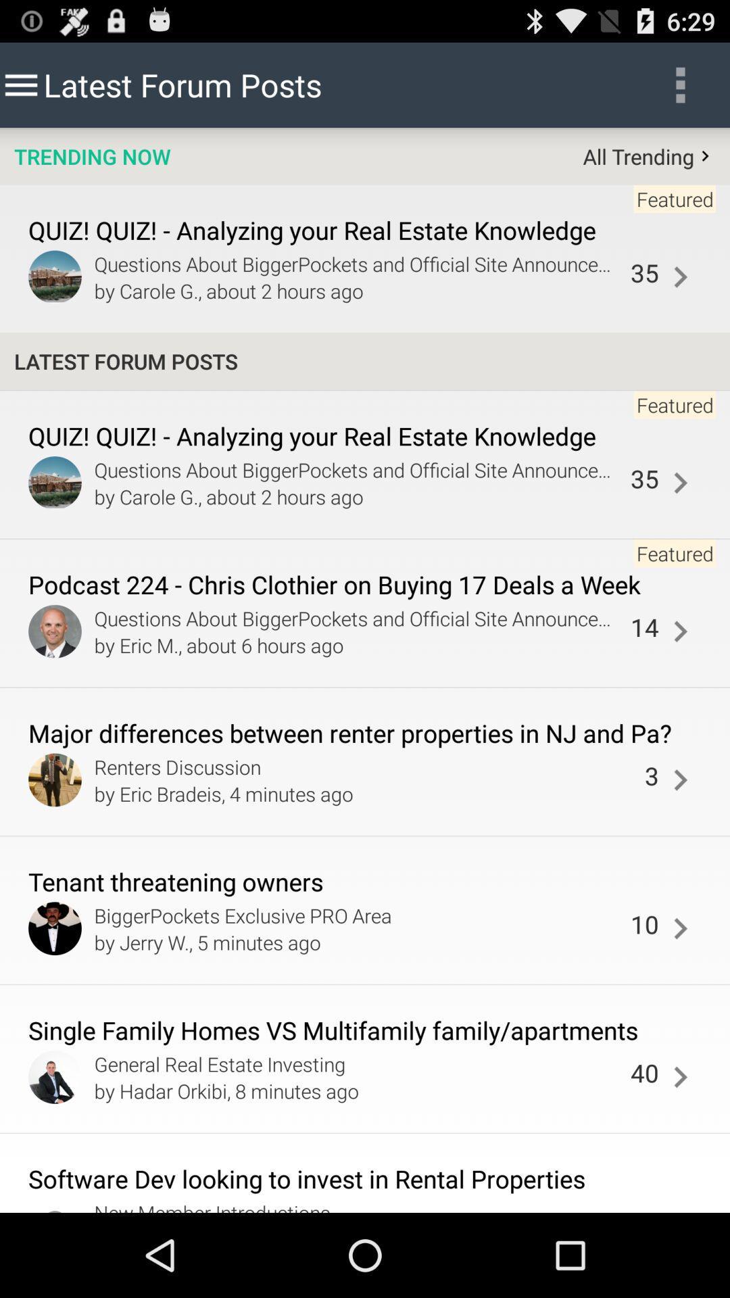 This screenshot has height=1298, width=730. What do you see at coordinates (358, 915) in the screenshot?
I see `the app to the left of 10` at bounding box center [358, 915].